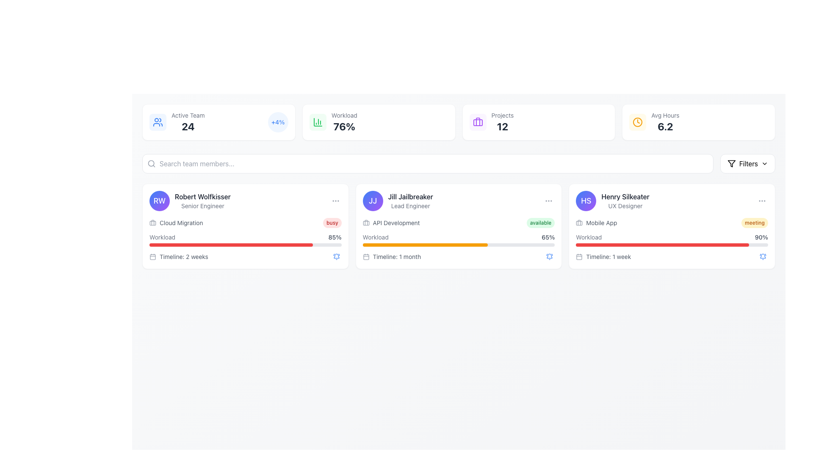  What do you see at coordinates (278, 122) in the screenshot?
I see `the Statistical Badge, which is a circular icon with a light blue background and the text '+4%' in bold blue font, located at the top right of the 'Active Team' metric` at bounding box center [278, 122].